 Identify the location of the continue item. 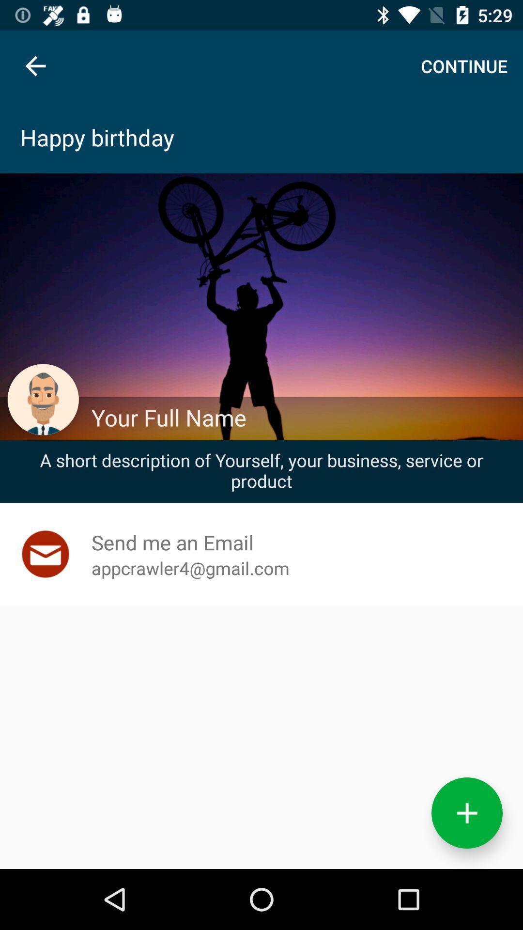
(463, 65).